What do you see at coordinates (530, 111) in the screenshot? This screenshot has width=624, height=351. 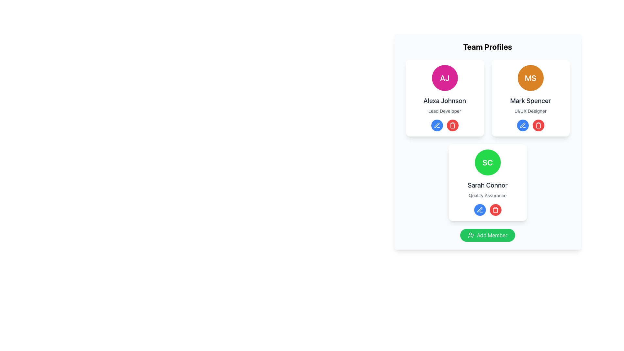 I see `the text label stating 'UI/UX Designer' located within the profile card of 'Mark Spencer', positioned beneath the main name and above action buttons` at bounding box center [530, 111].